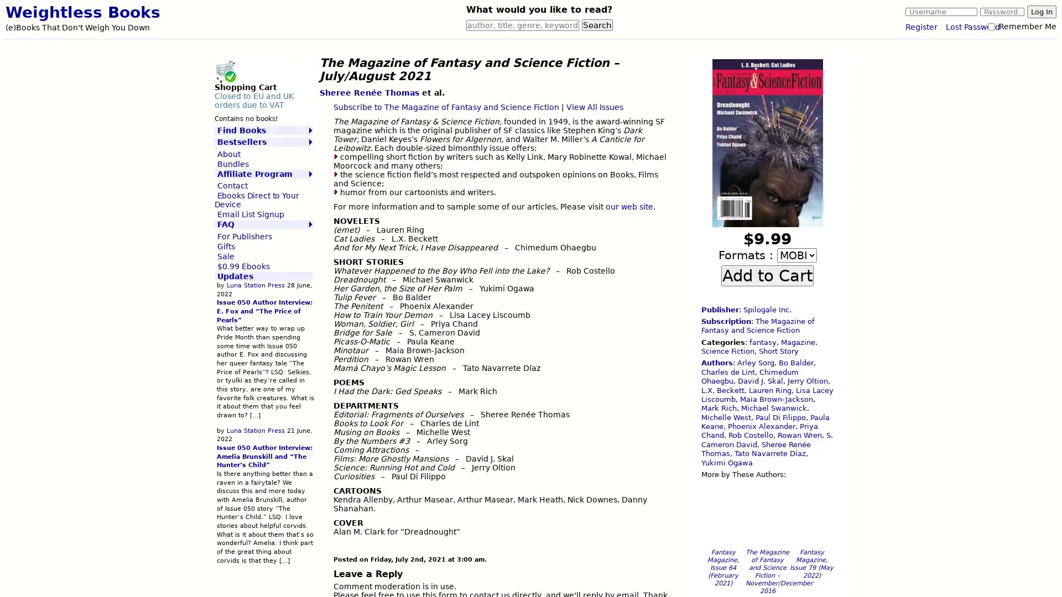 Image resolution: width=1062 pixels, height=597 pixels. Describe the element at coordinates (1041, 12) in the screenshot. I see `Log In` at that location.